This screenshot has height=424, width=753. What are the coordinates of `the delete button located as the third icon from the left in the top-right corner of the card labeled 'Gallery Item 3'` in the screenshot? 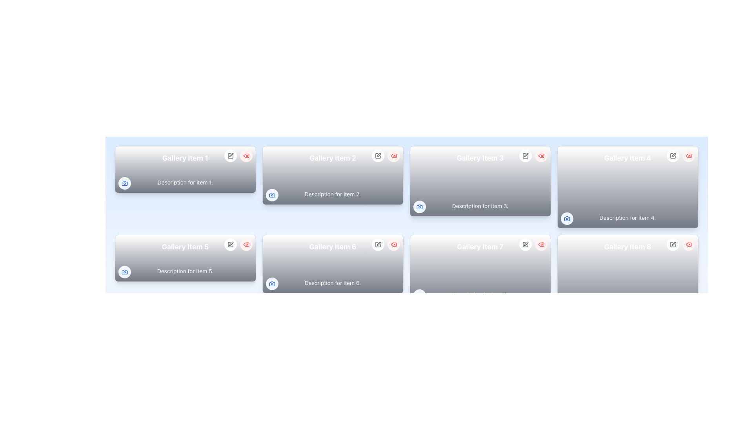 It's located at (540, 156).